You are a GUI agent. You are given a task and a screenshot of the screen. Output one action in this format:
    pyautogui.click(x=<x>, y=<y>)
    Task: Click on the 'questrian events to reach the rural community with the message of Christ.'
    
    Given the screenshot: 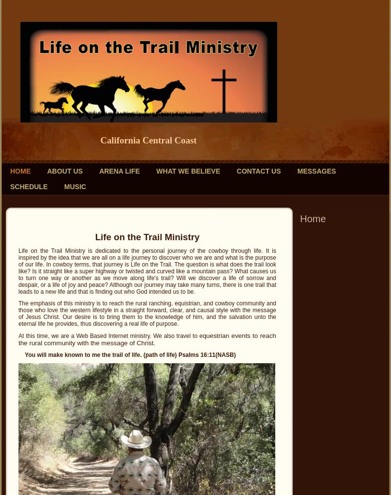 What is the action you would take?
    pyautogui.click(x=147, y=339)
    